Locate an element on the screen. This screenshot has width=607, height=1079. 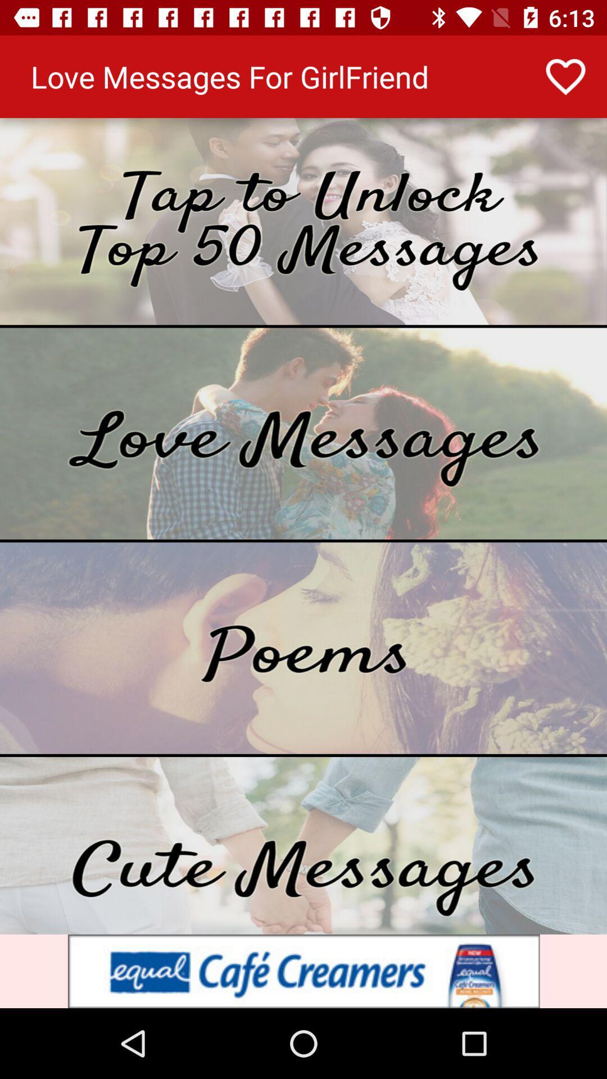
cute messages is located at coordinates (303, 845).